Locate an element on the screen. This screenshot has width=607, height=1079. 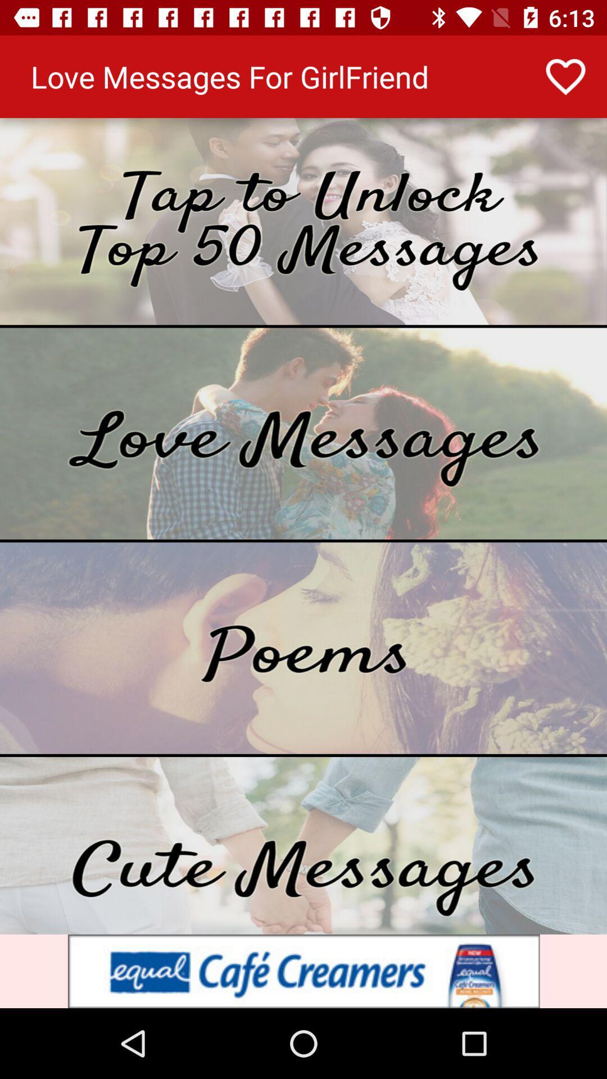
cute messages is located at coordinates (303, 845).